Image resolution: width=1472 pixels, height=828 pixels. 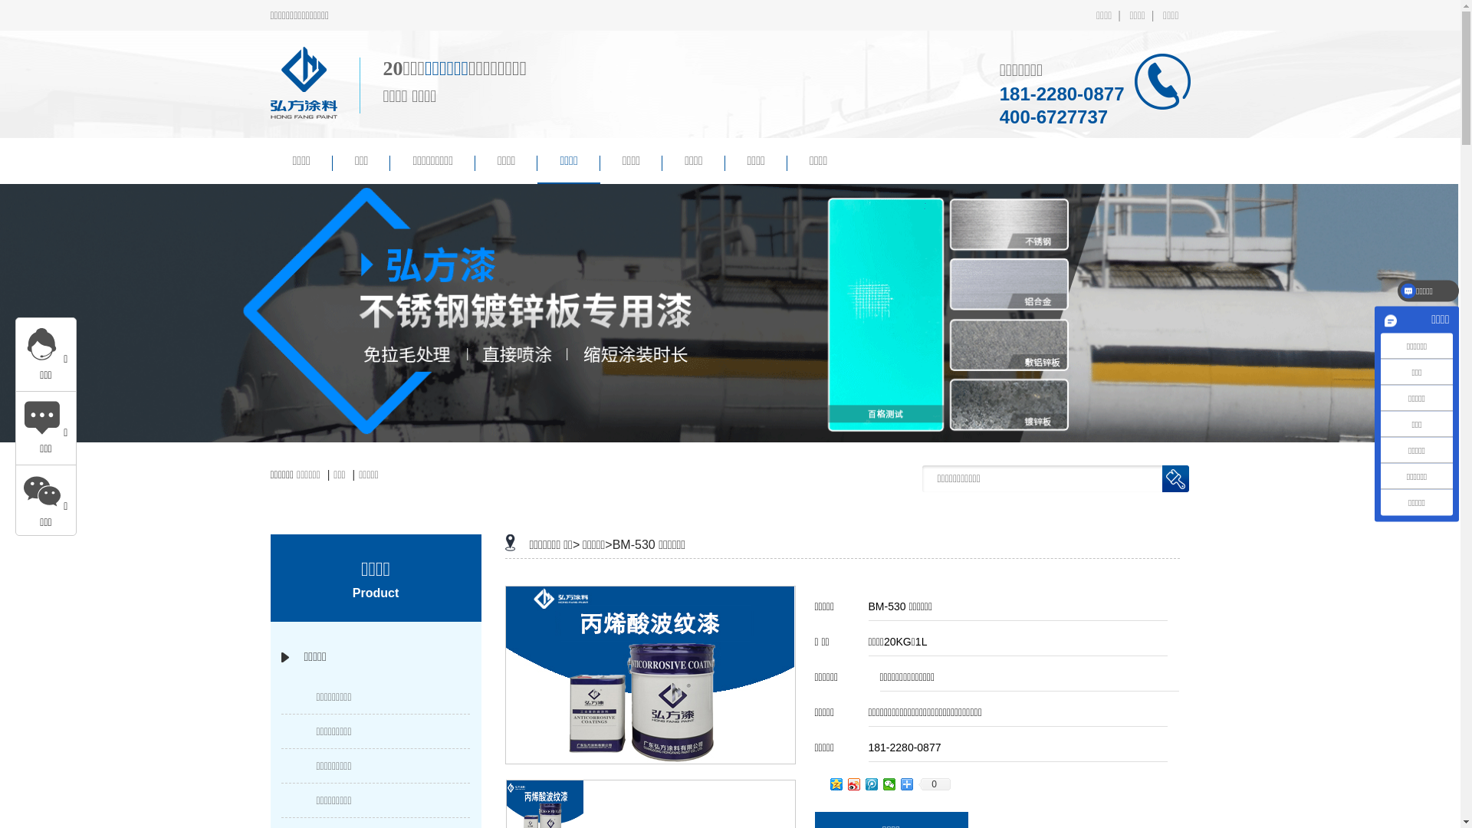 I want to click on '0', so click(x=934, y=784).